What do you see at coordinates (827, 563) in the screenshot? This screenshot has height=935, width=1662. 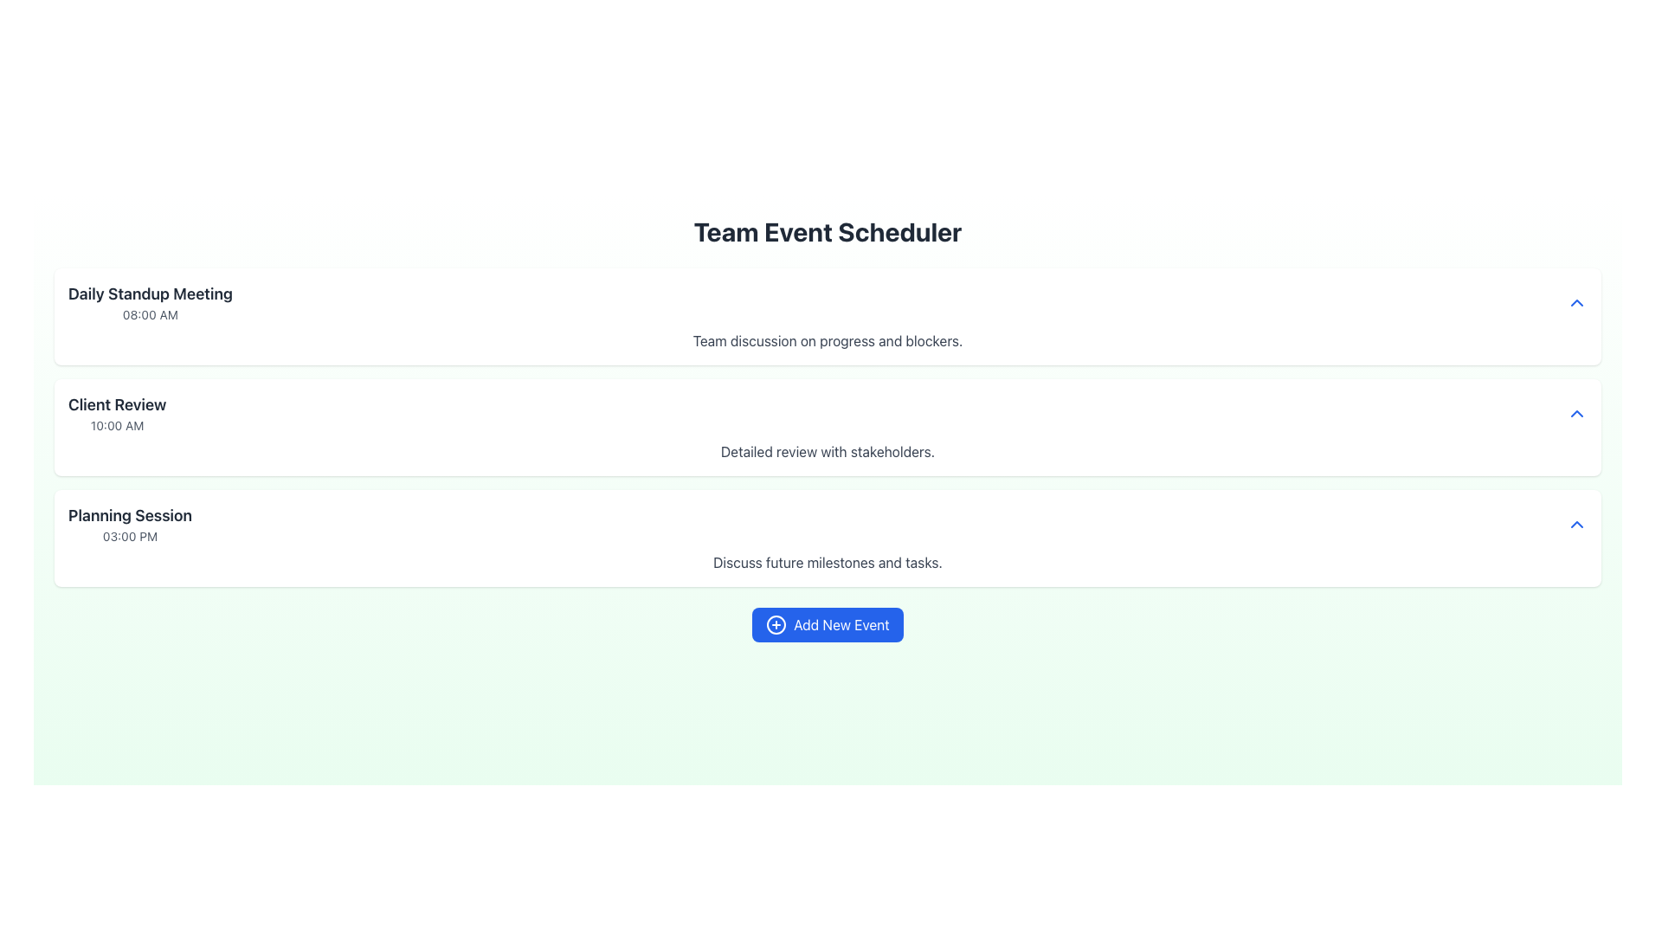 I see `the descriptive text label providing details about the associated 'Planning Session' event, located below the heading 'Planning Session' and its time label '03:00 PM'` at bounding box center [827, 563].